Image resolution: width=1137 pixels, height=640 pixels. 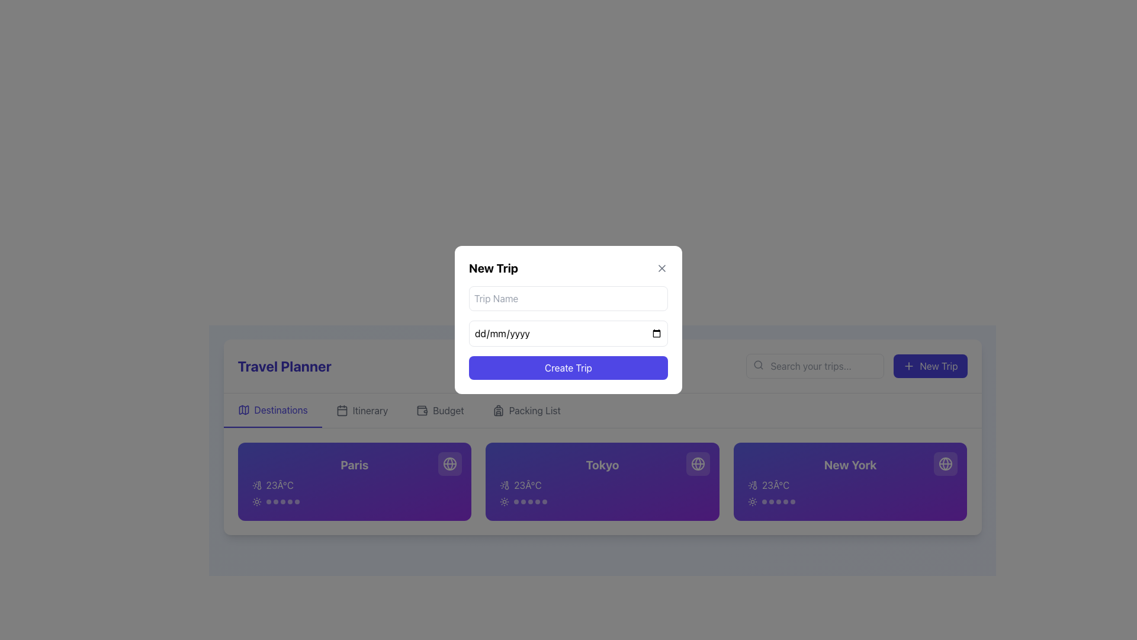 I want to click on the close button located in the top-right corner of the 'New Trip' popup window, so click(x=661, y=268).